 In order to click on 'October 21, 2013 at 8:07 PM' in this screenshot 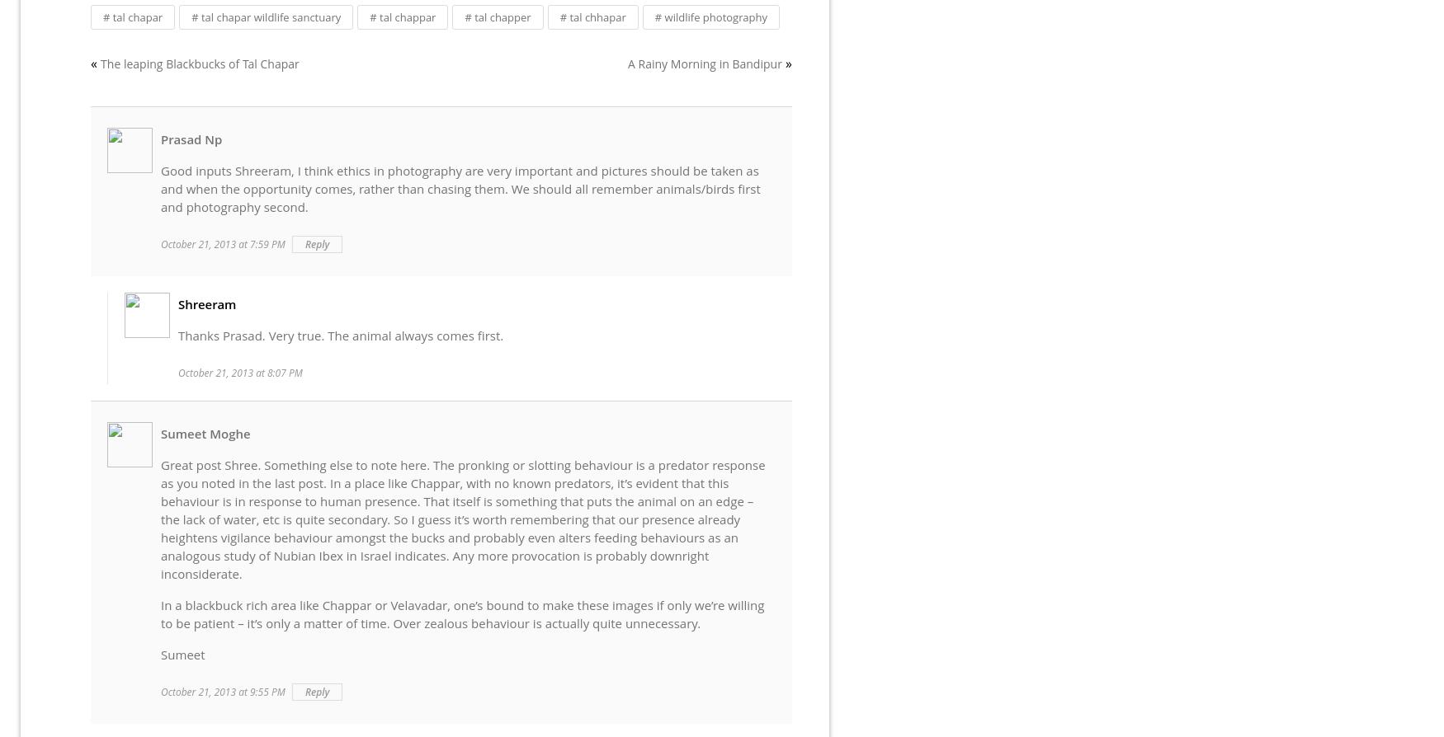, I will do `click(239, 373)`.